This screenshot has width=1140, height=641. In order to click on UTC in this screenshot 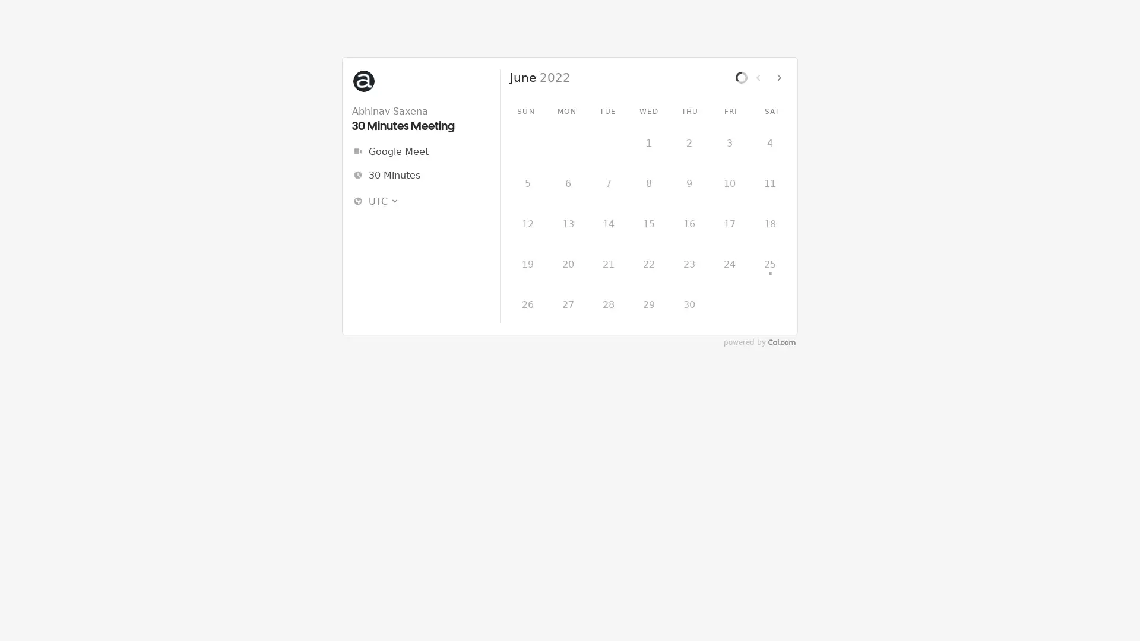, I will do `click(385, 201)`.